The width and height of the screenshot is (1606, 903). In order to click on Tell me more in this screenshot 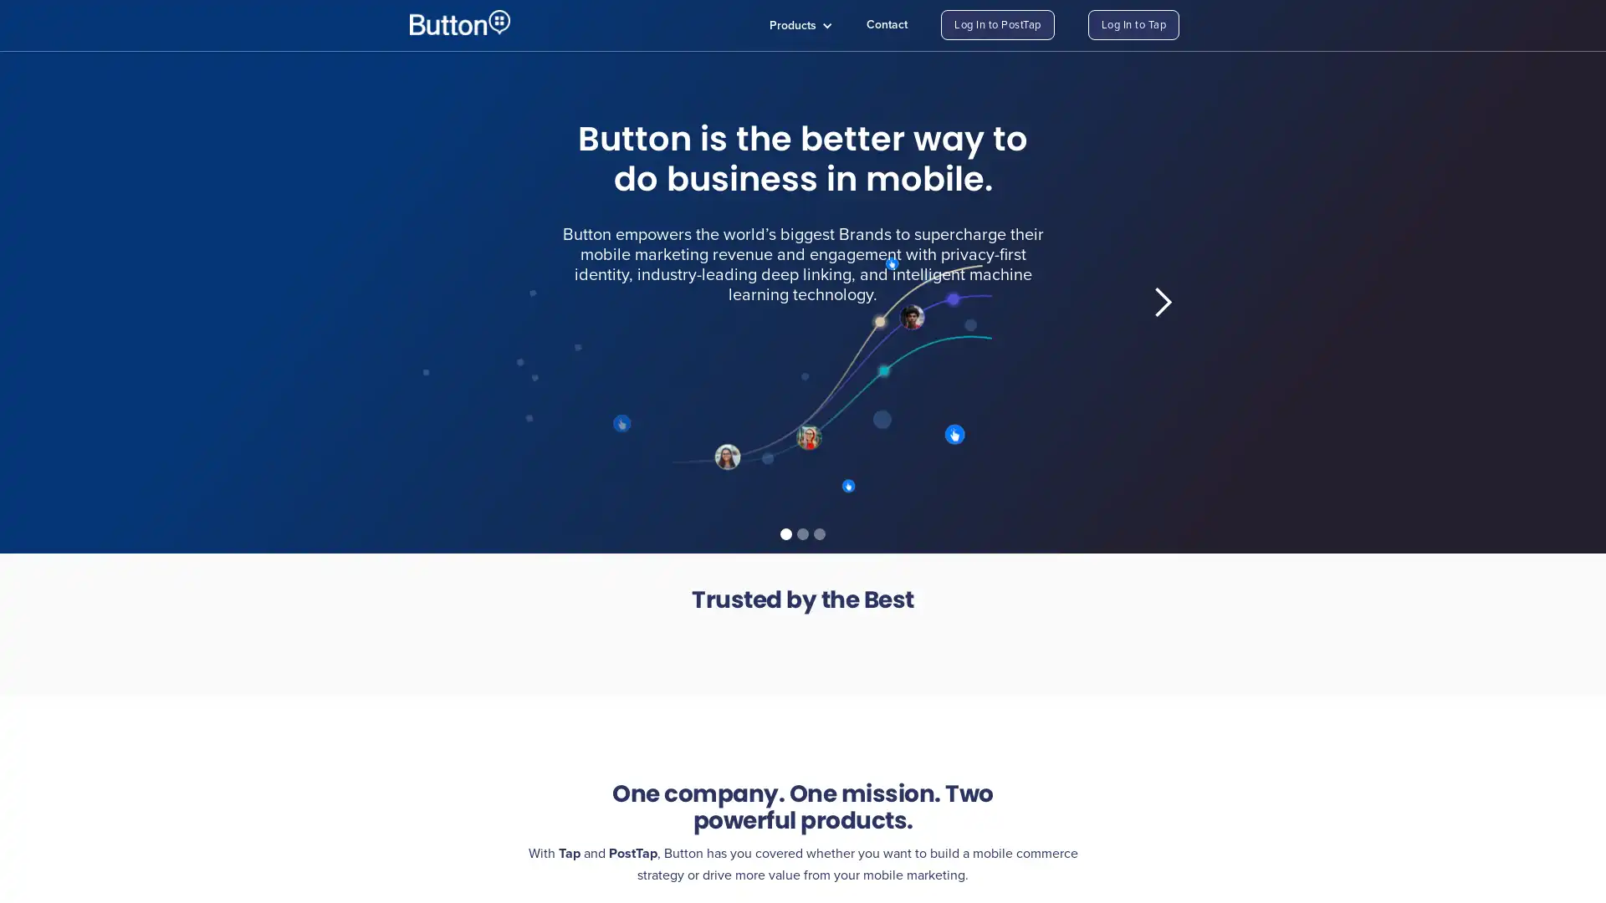, I will do `click(616, 425)`.